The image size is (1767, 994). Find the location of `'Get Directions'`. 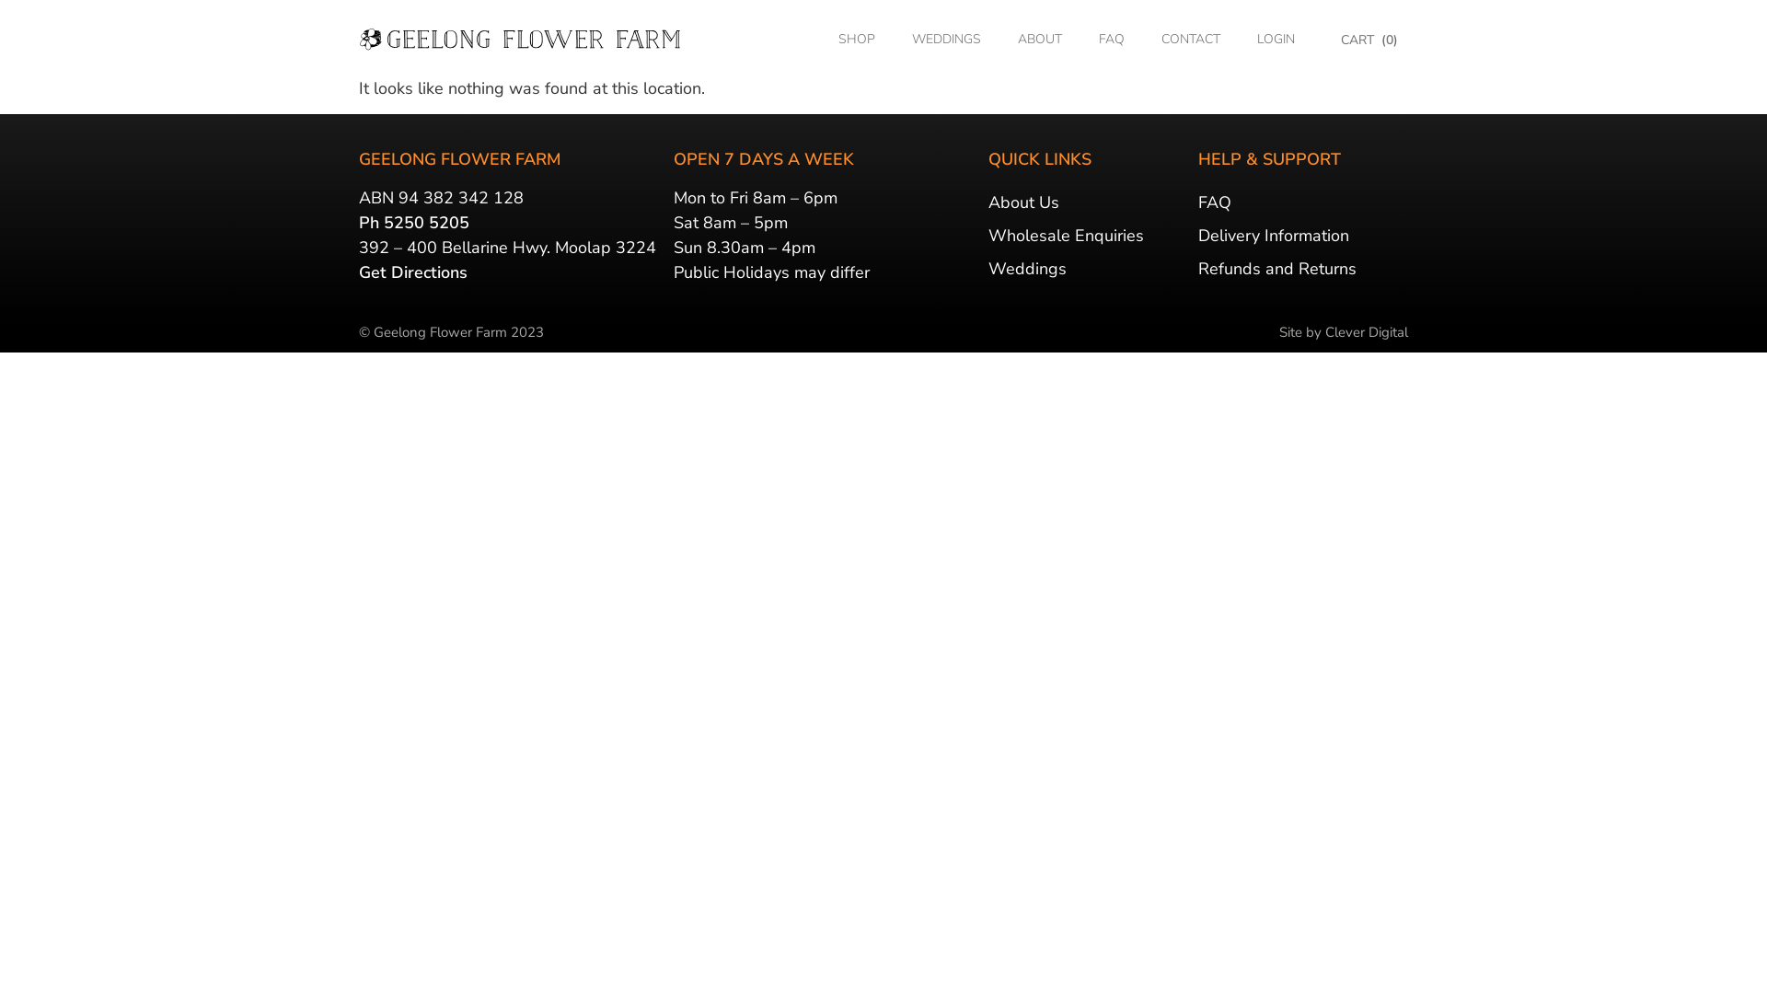

'Get Directions' is located at coordinates (412, 272).